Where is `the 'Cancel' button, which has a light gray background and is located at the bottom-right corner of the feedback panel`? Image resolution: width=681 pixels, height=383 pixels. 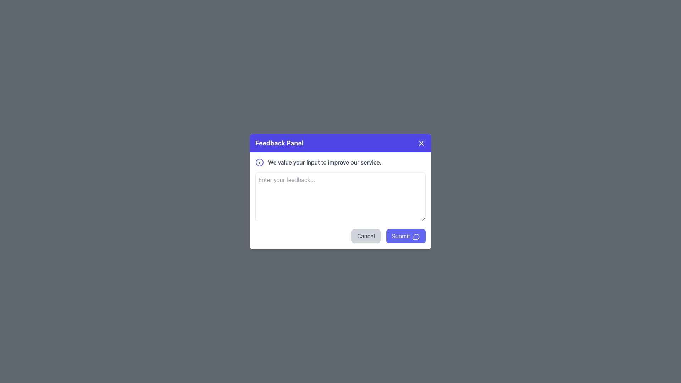 the 'Cancel' button, which has a light gray background and is located at the bottom-right corner of the feedback panel is located at coordinates (366, 236).